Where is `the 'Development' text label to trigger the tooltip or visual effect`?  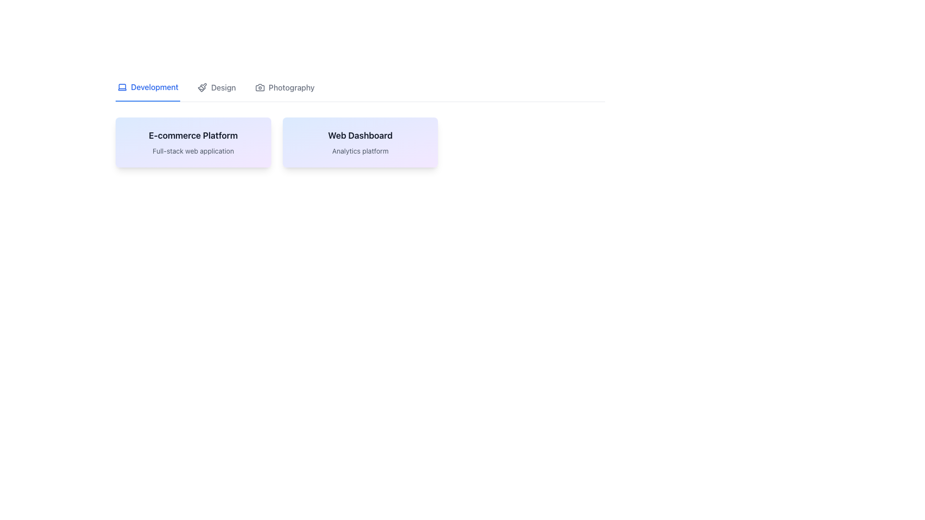
the 'Development' text label to trigger the tooltip or visual effect is located at coordinates (155, 87).